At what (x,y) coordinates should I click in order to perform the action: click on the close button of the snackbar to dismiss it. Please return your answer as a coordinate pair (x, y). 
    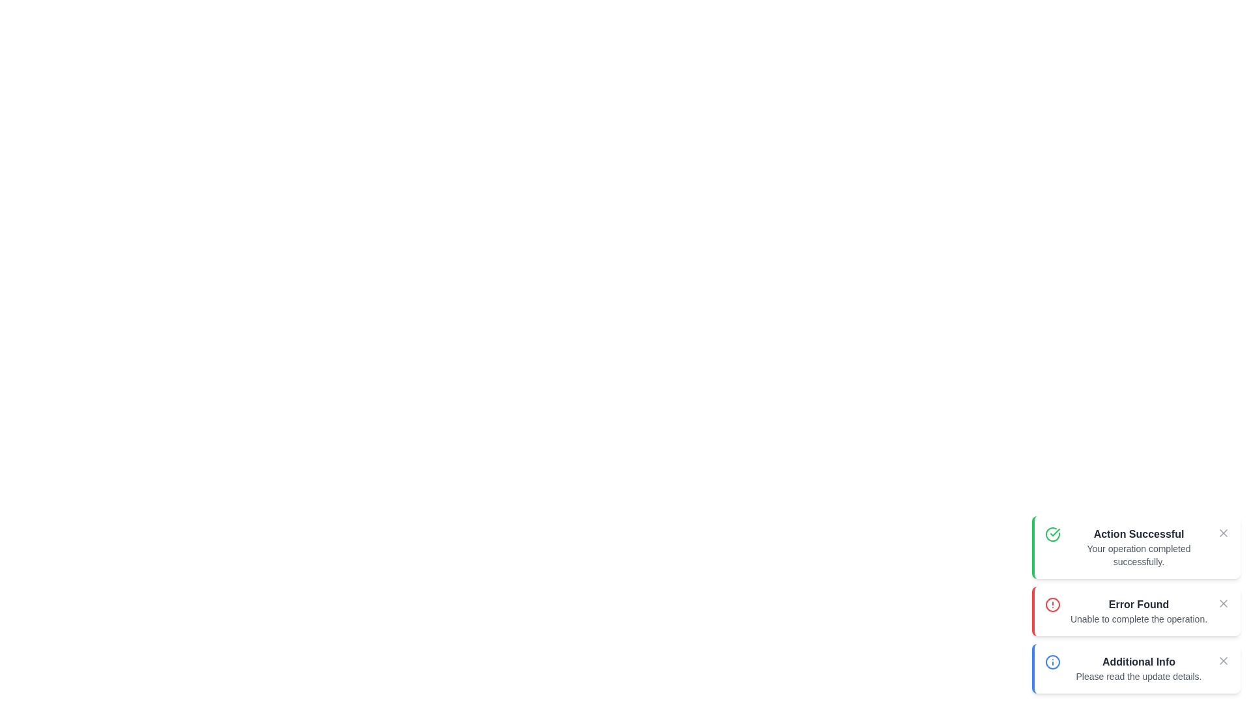
    Looking at the image, I should click on (1222, 533).